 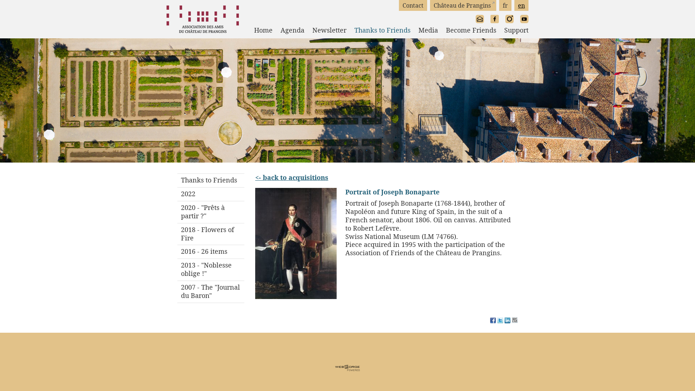 I want to click on 'Partager sur LinkedIn', so click(x=507, y=321).